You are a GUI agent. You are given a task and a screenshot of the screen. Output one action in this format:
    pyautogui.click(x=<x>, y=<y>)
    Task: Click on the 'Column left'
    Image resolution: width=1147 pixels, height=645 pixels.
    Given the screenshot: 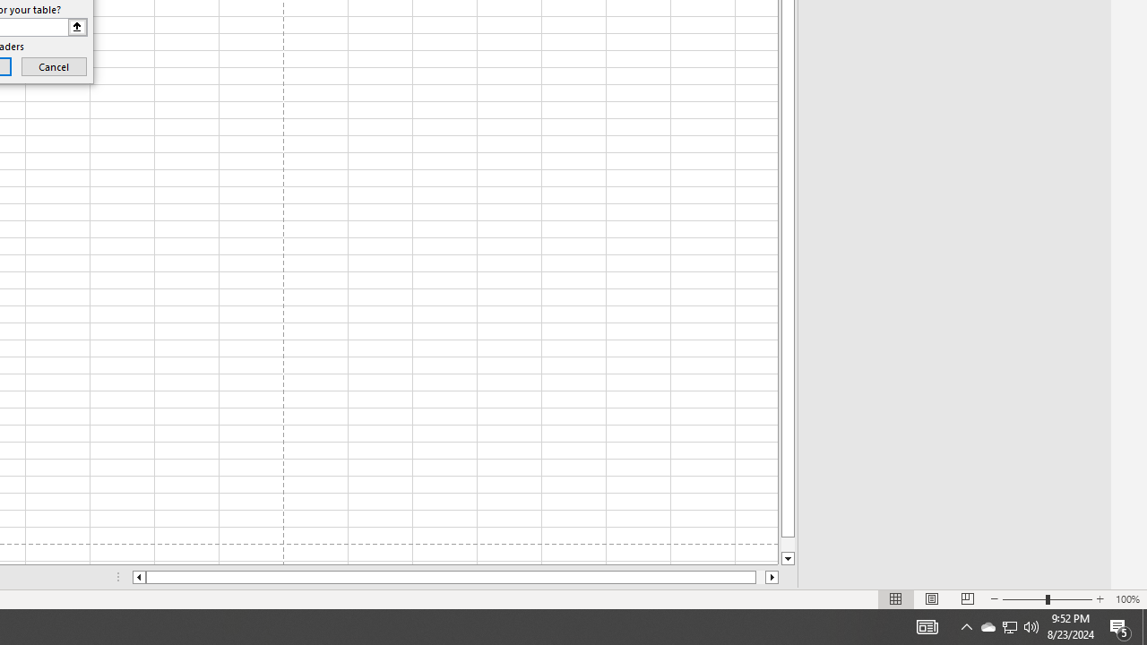 What is the action you would take?
    pyautogui.click(x=137, y=577)
    